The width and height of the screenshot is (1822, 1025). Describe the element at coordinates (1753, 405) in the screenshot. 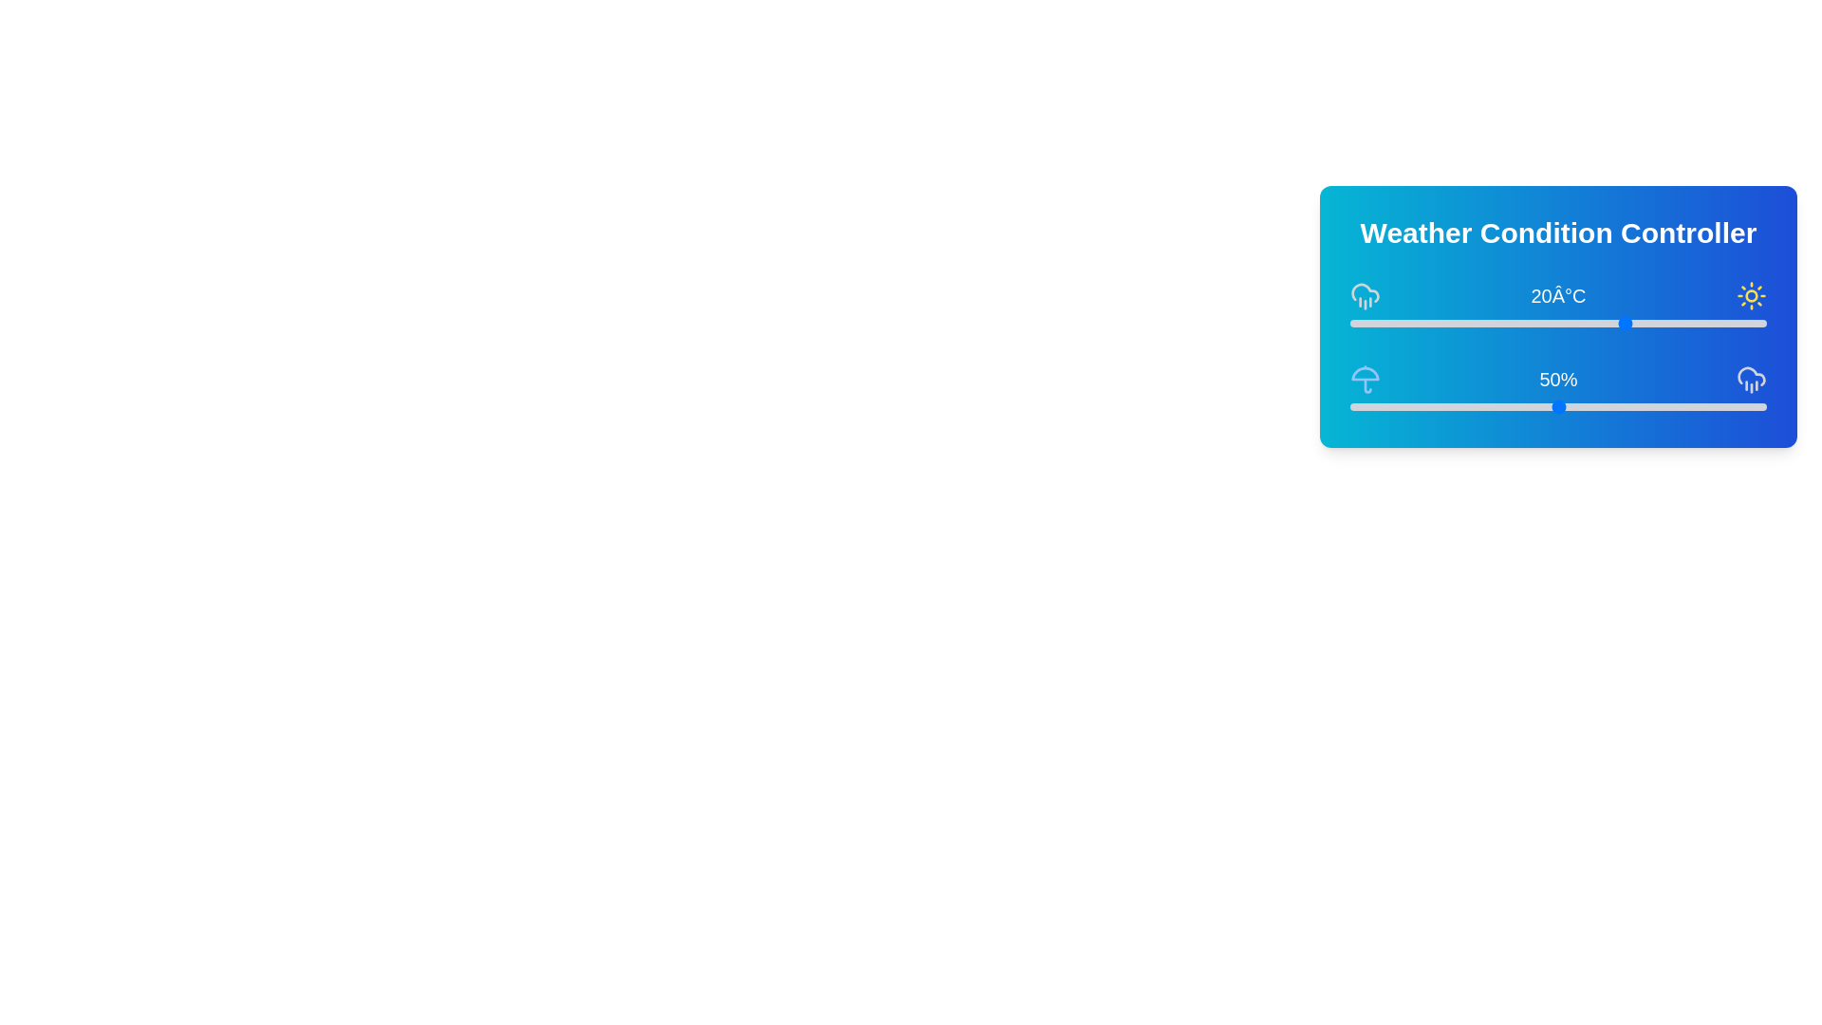

I see `the precipitation slider to 97%` at that location.